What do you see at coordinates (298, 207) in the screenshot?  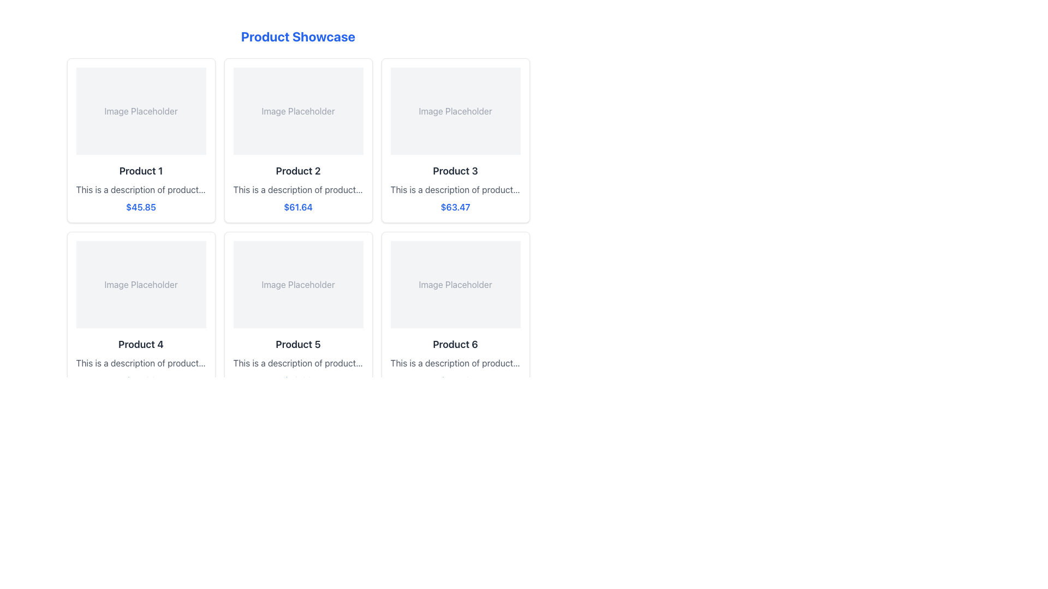 I see `the text display element showing the price '$61.64', which is styled in blue and bold, located below the product titled 'Product 2'` at bounding box center [298, 207].